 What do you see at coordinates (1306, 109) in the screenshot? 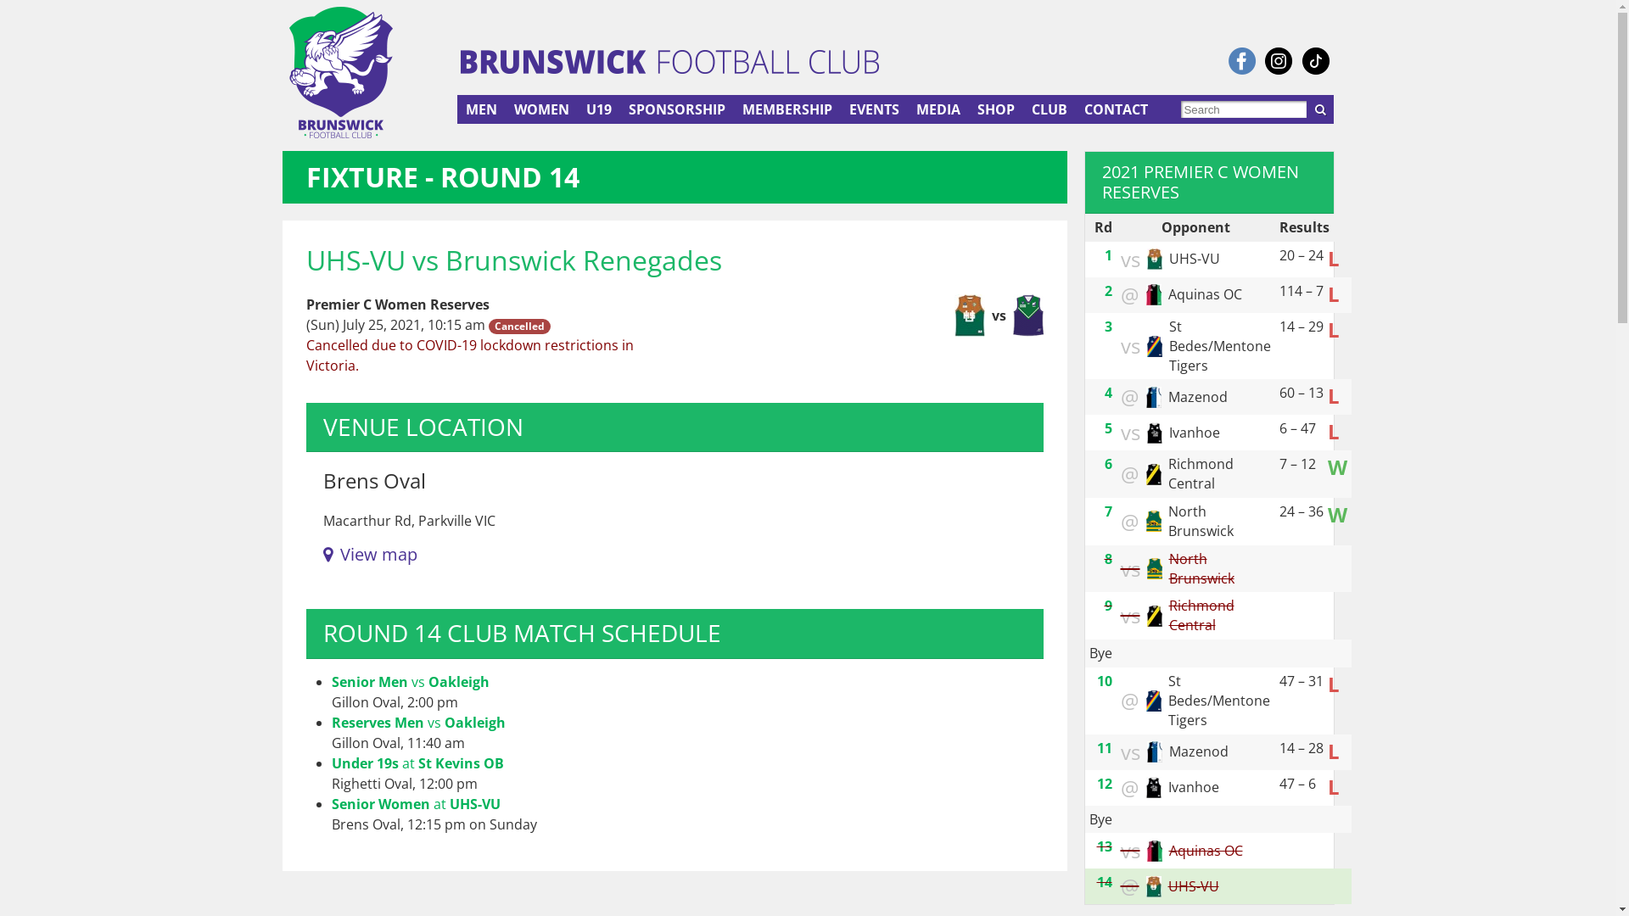
I see `'SEARCH'` at bounding box center [1306, 109].